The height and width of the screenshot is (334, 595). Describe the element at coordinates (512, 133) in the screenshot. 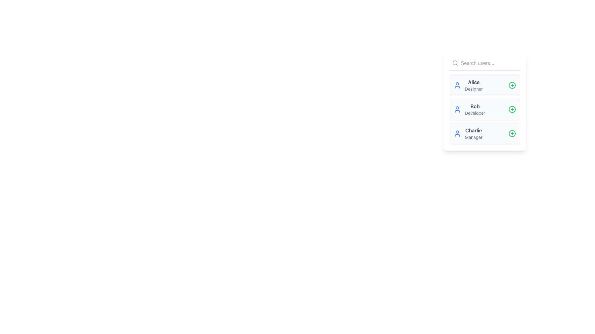

I see `the circular icon with a green border and a red plus sign located adjacent to the 'Charlie - Manager' entry` at that location.